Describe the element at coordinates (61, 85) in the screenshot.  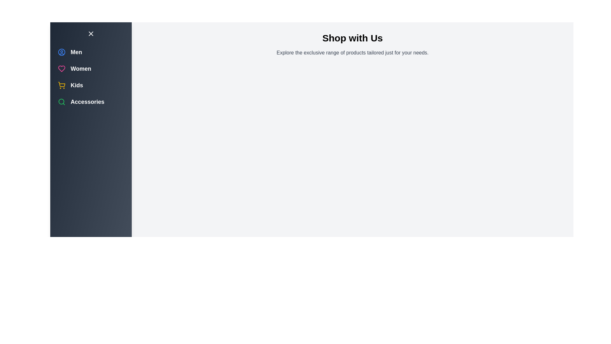
I see `the category Kids to select it` at that location.